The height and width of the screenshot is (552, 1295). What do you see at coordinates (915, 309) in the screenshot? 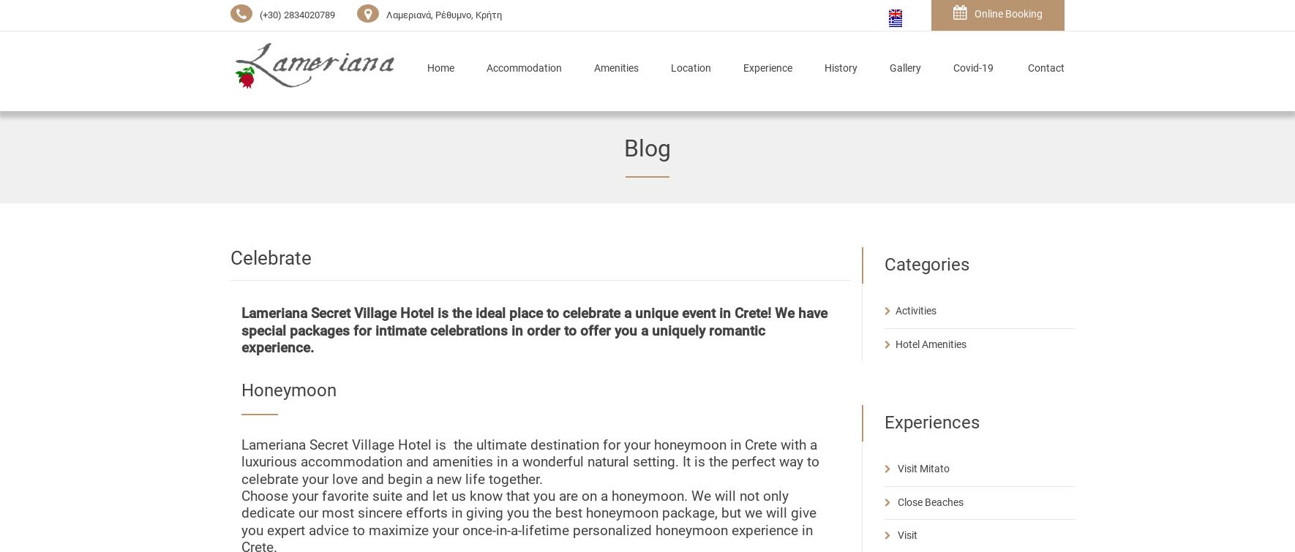
I see `'Activities'` at bounding box center [915, 309].